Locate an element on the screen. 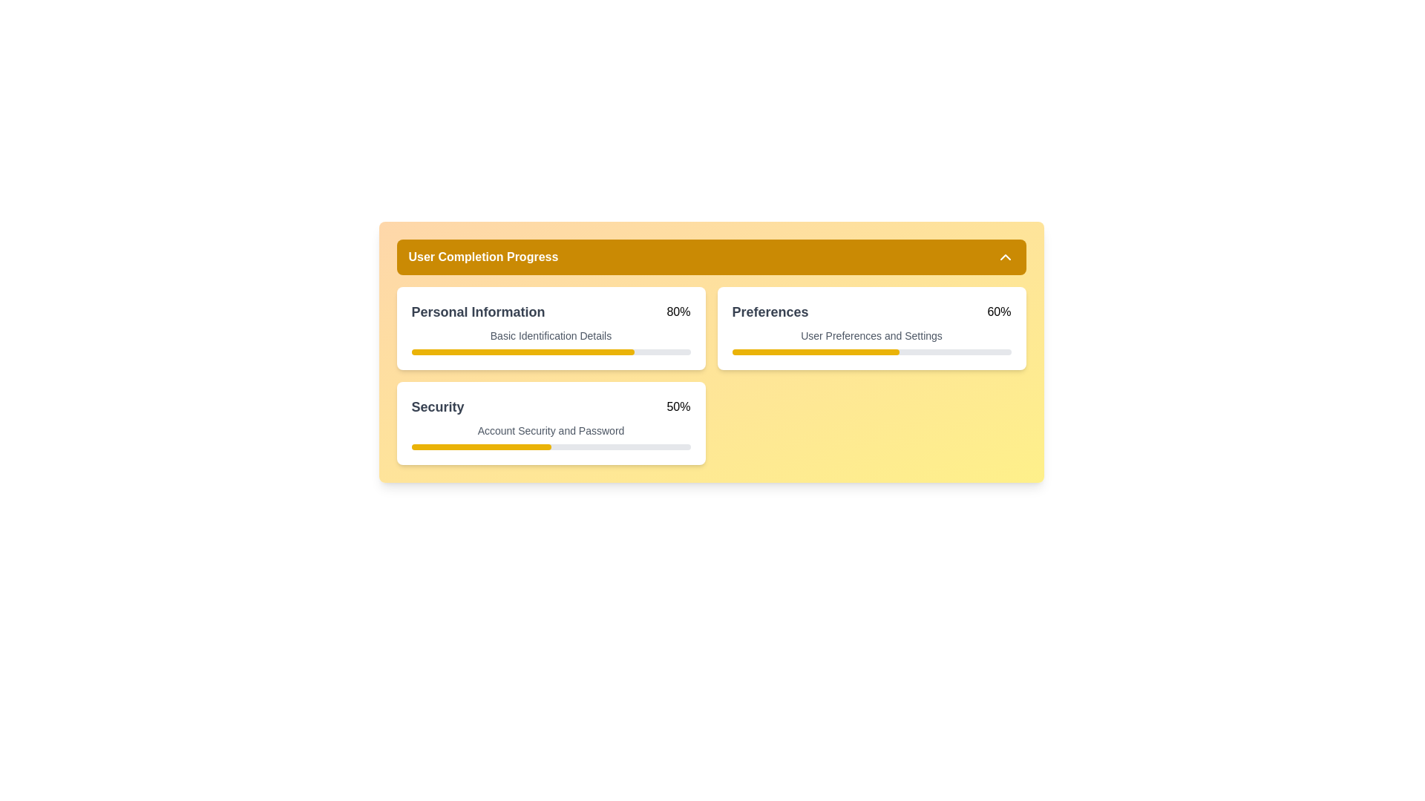 Image resolution: width=1425 pixels, height=801 pixels. descriptive text label located in the 'Personal Information' section, positioned centrally below the heading 'Personal Information' is located at coordinates (550, 335).